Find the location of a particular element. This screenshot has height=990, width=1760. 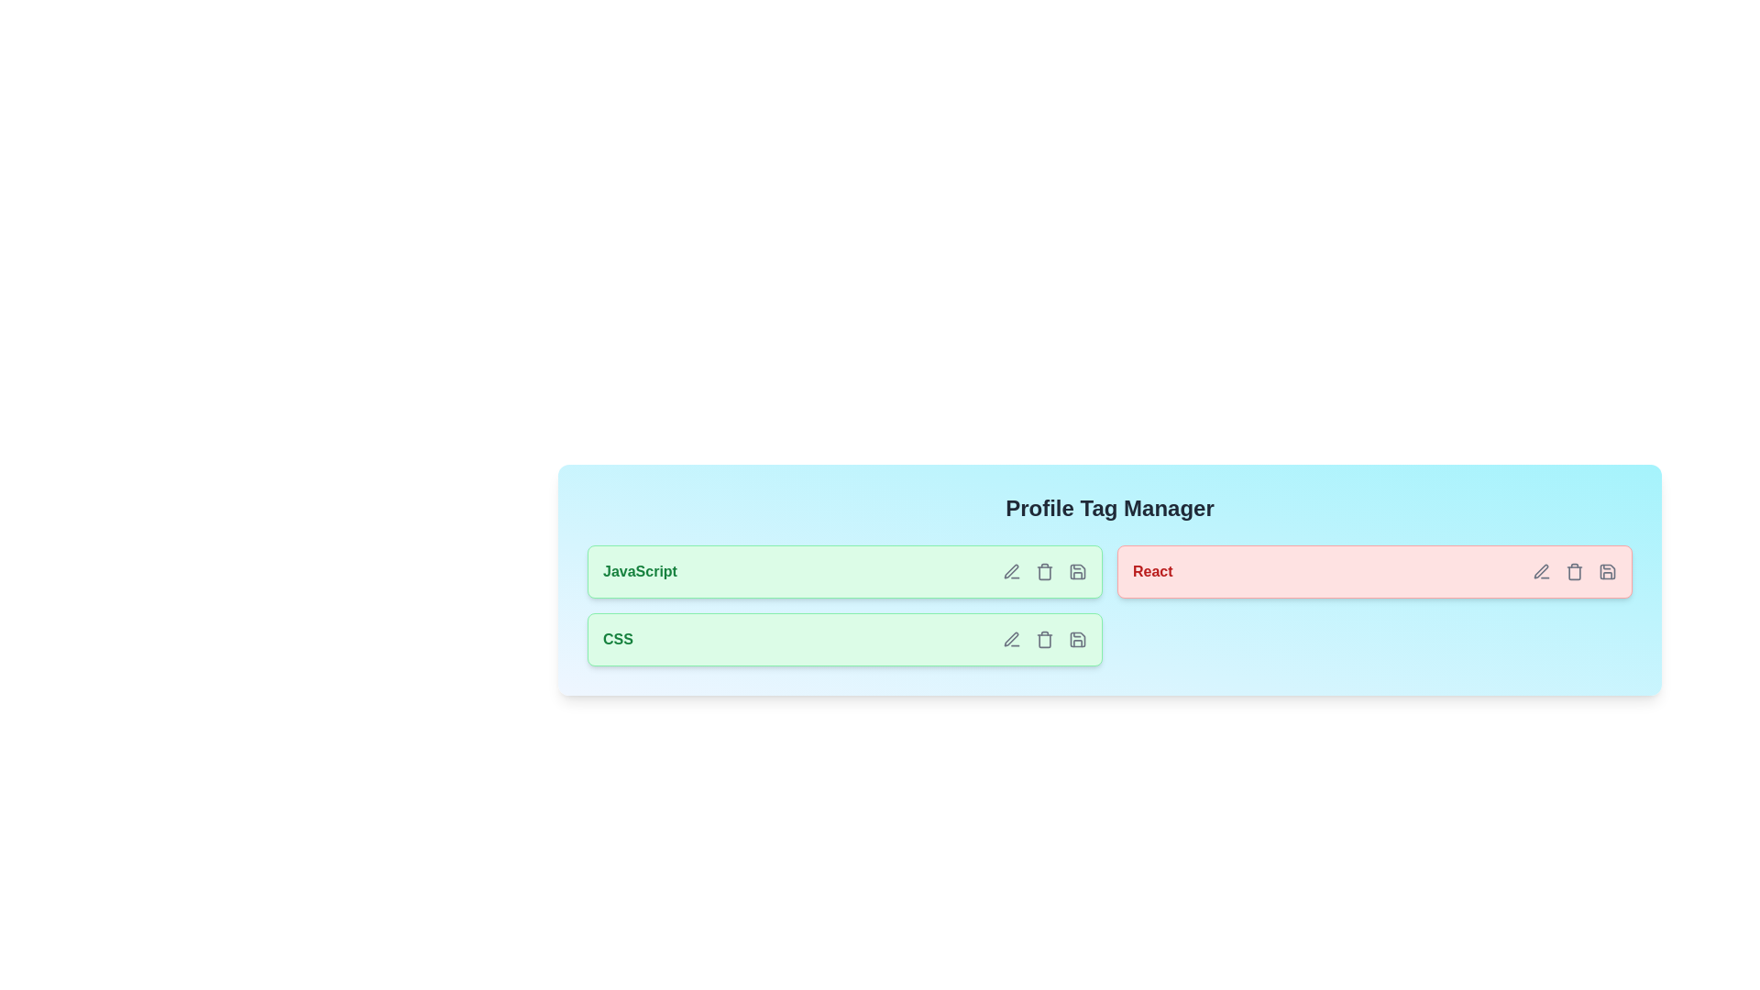

edit icon of the tag labeled CSS is located at coordinates (1011, 639).